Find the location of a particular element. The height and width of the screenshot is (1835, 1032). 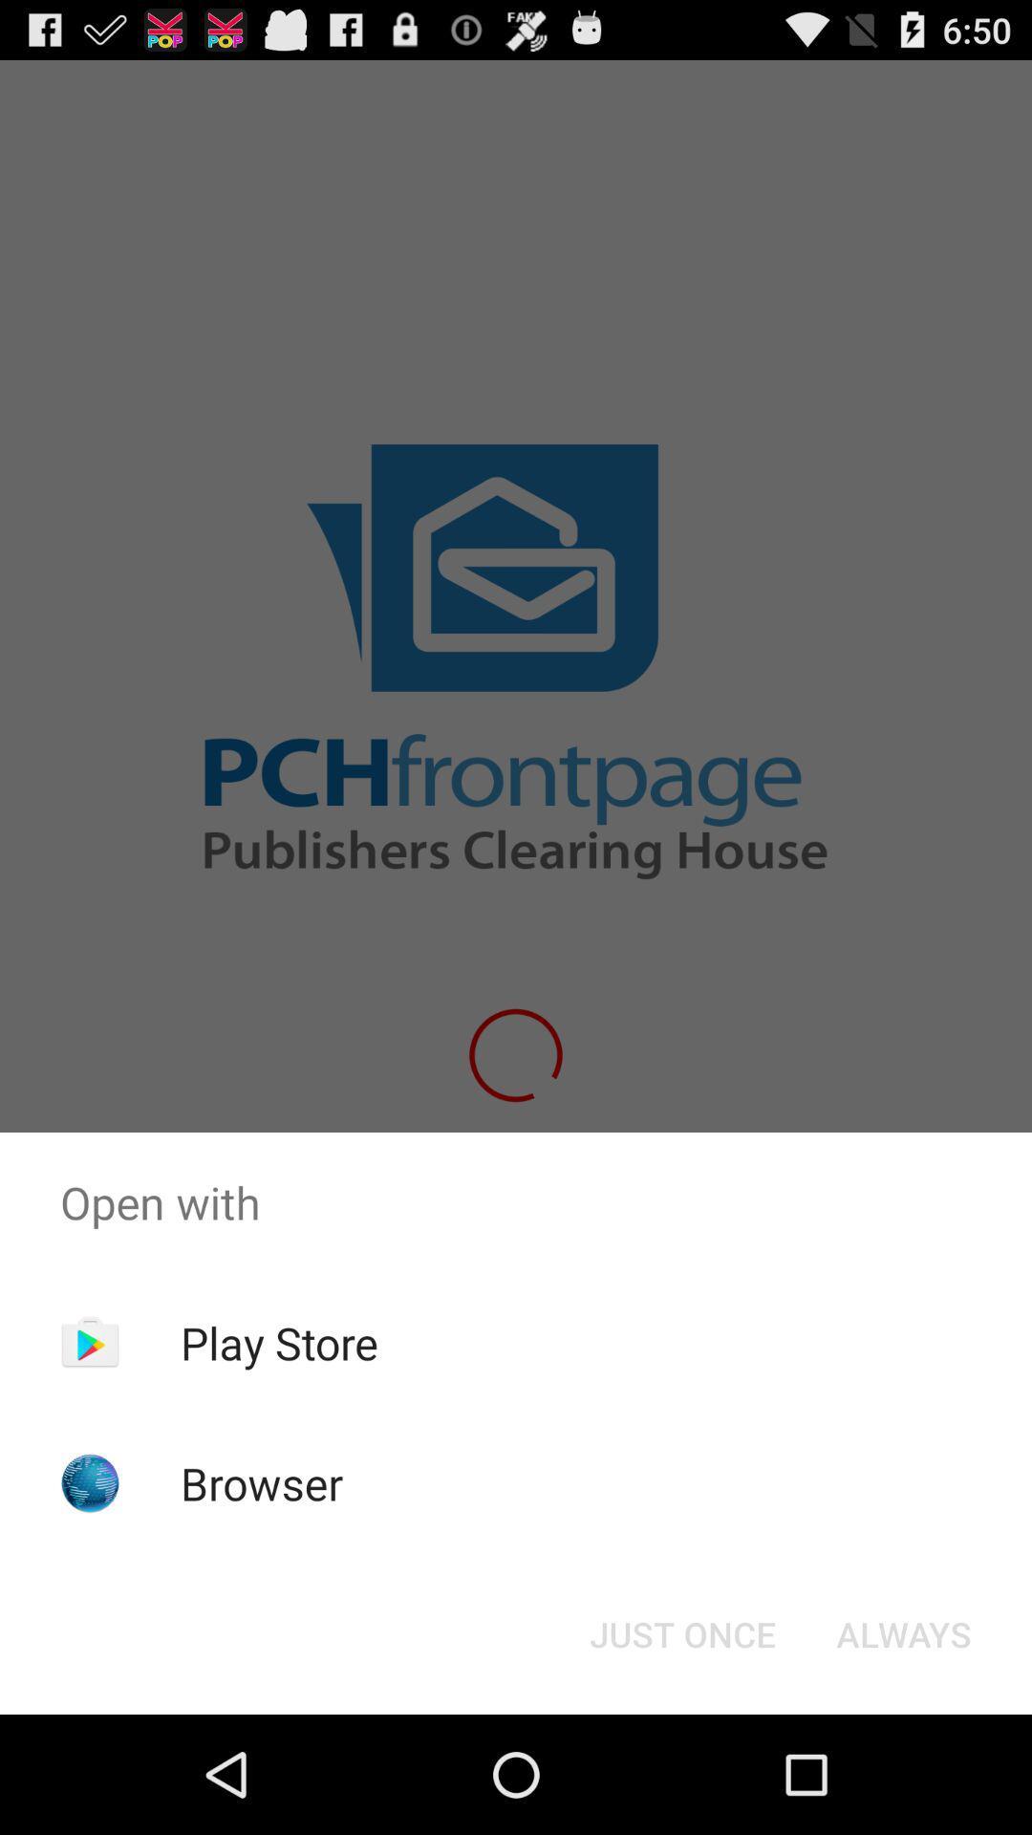

icon next to just once is located at coordinates (903, 1632).